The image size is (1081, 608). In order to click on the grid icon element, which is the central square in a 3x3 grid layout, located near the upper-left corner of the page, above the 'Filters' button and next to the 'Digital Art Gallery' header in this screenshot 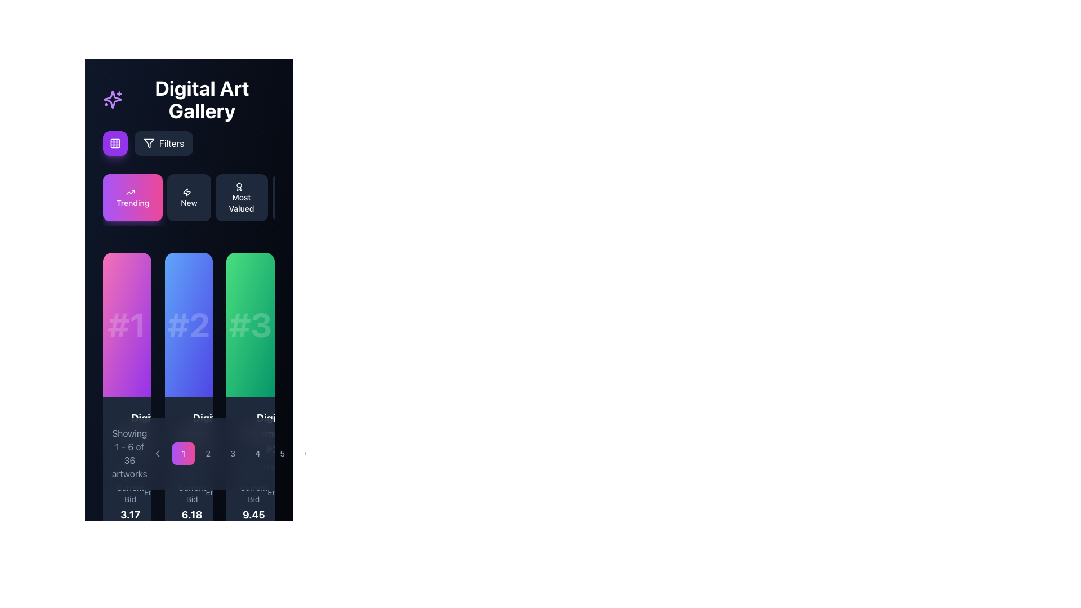, I will do `click(115, 142)`.